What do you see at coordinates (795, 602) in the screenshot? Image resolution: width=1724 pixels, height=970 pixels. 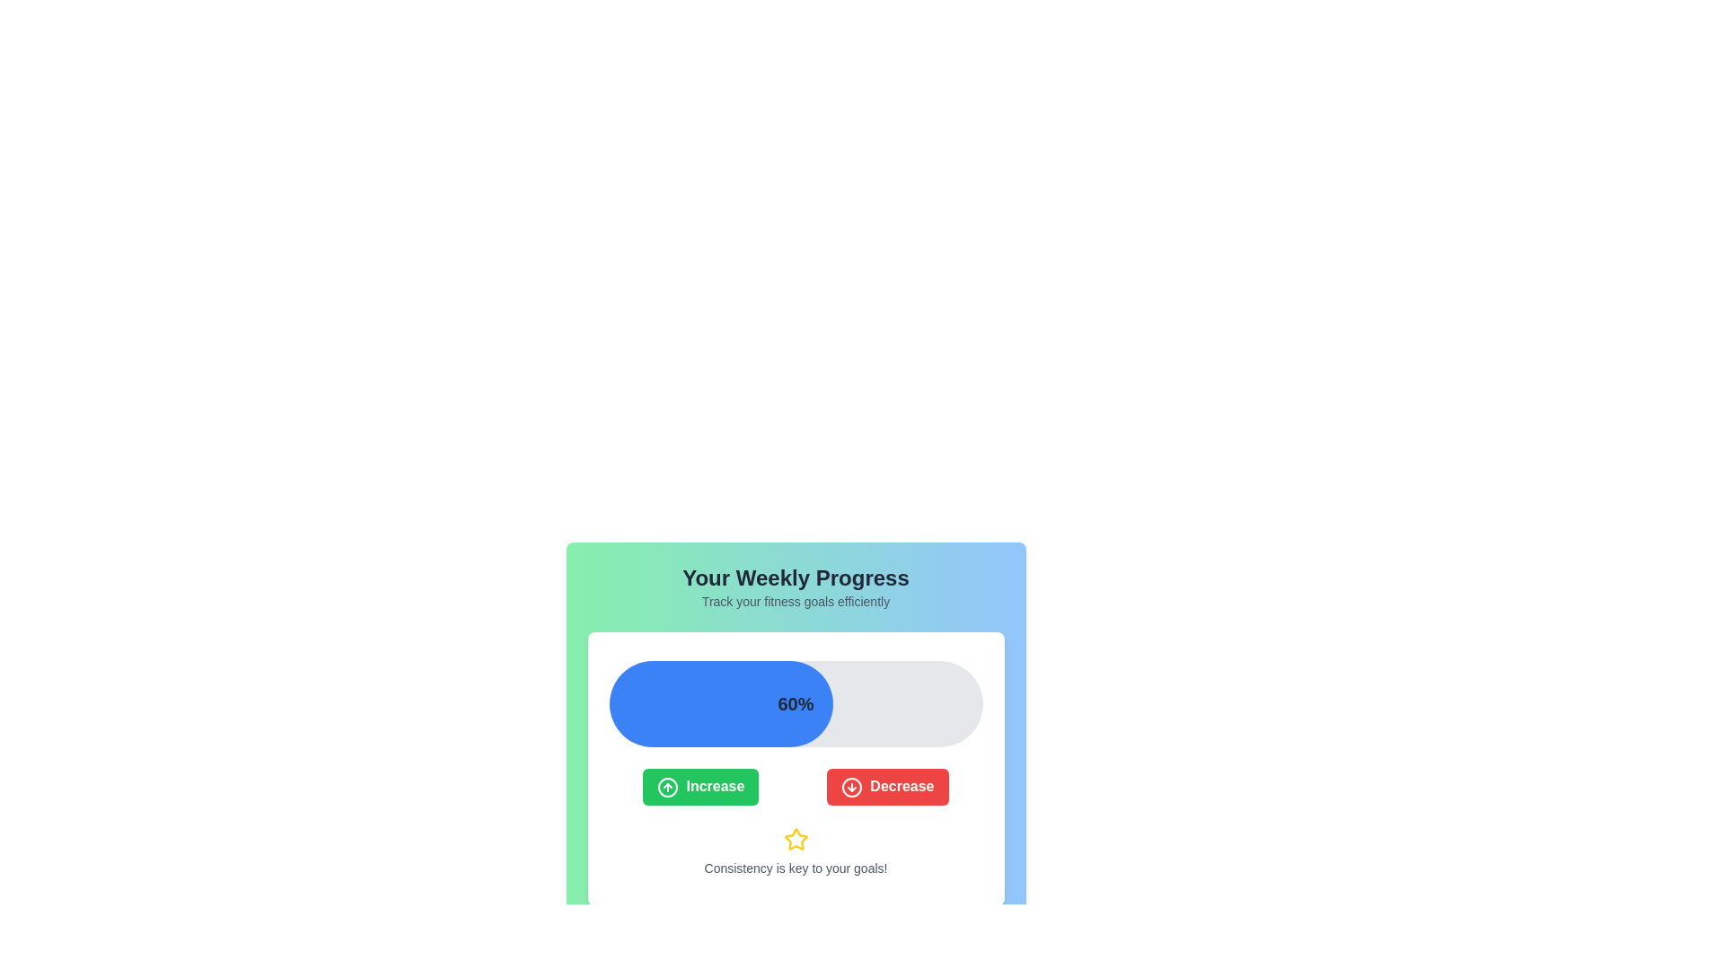 I see `the second line of static text located immediately below the title 'Your Weekly Progress', which provides guidance on the displayed data` at bounding box center [795, 602].